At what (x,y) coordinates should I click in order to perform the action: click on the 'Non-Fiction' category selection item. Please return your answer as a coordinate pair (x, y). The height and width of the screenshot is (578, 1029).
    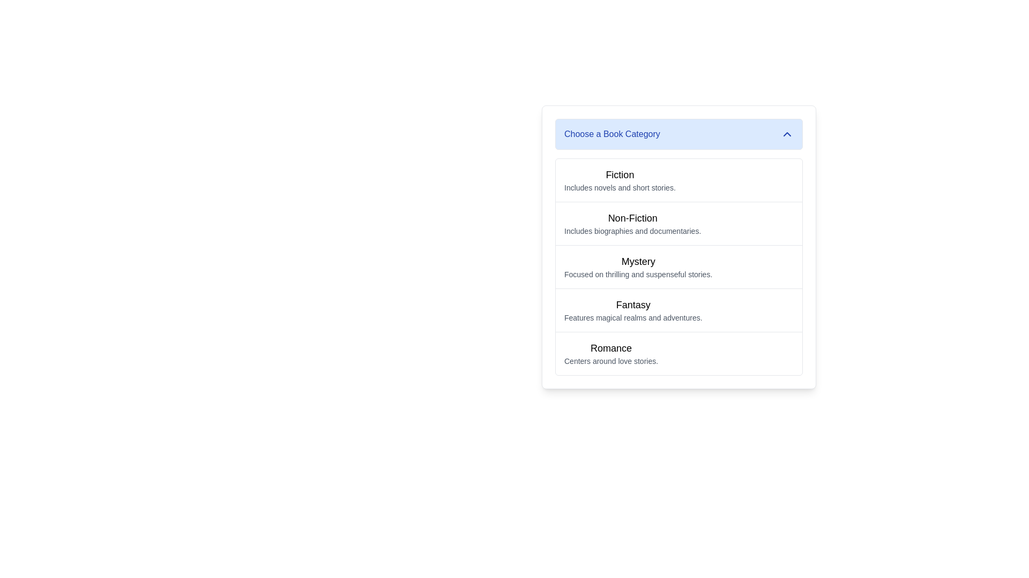
    Looking at the image, I should click on (678, 223).